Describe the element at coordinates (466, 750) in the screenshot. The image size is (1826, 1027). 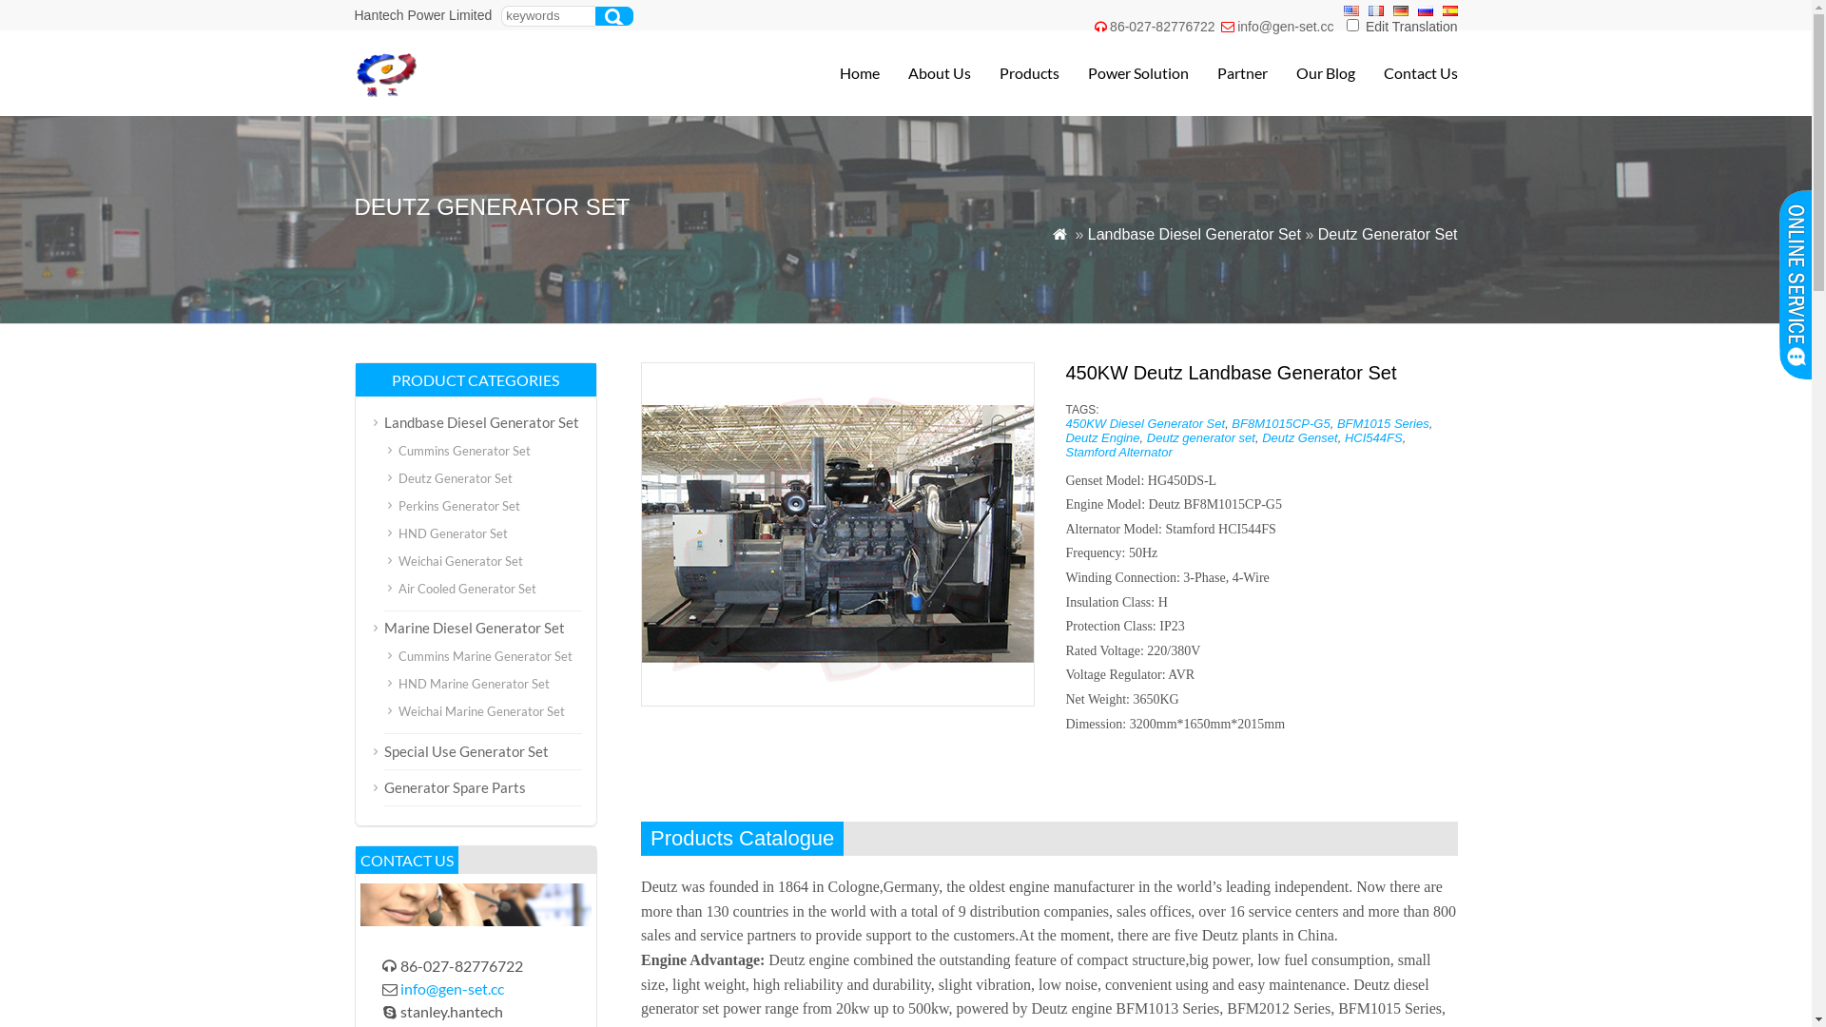
I see `'Special Use Generator Set'` at that location.